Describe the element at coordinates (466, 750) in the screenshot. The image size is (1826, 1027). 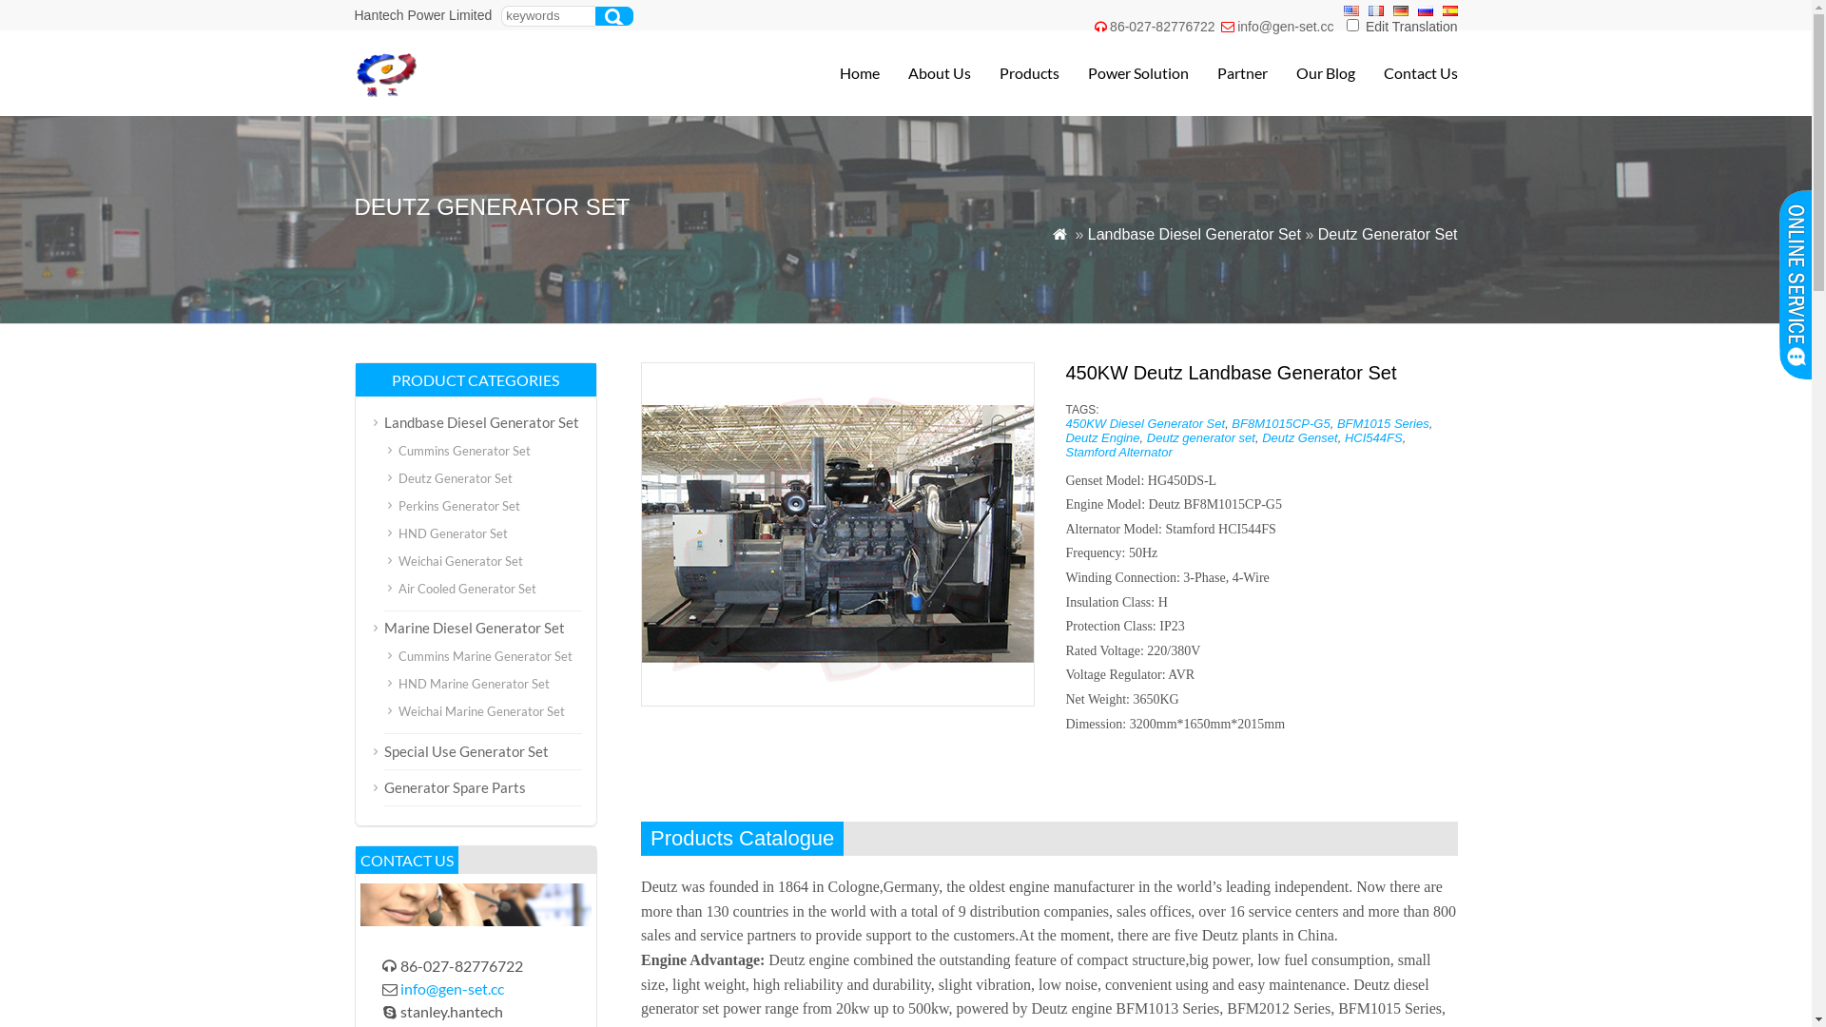
I see `'Special Use Generator Set'` at that location.